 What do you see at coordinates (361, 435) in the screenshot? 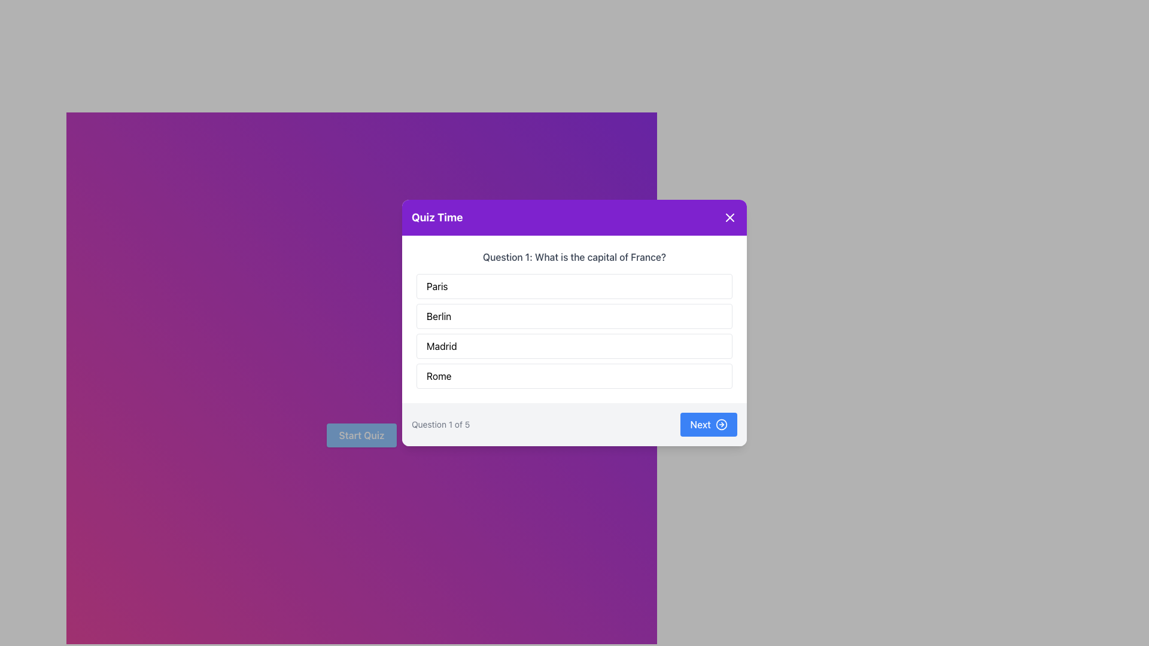
I see `the quiz initiation button located near the bottom-left corner of the quiz interface` at bounding box center [361, 435].